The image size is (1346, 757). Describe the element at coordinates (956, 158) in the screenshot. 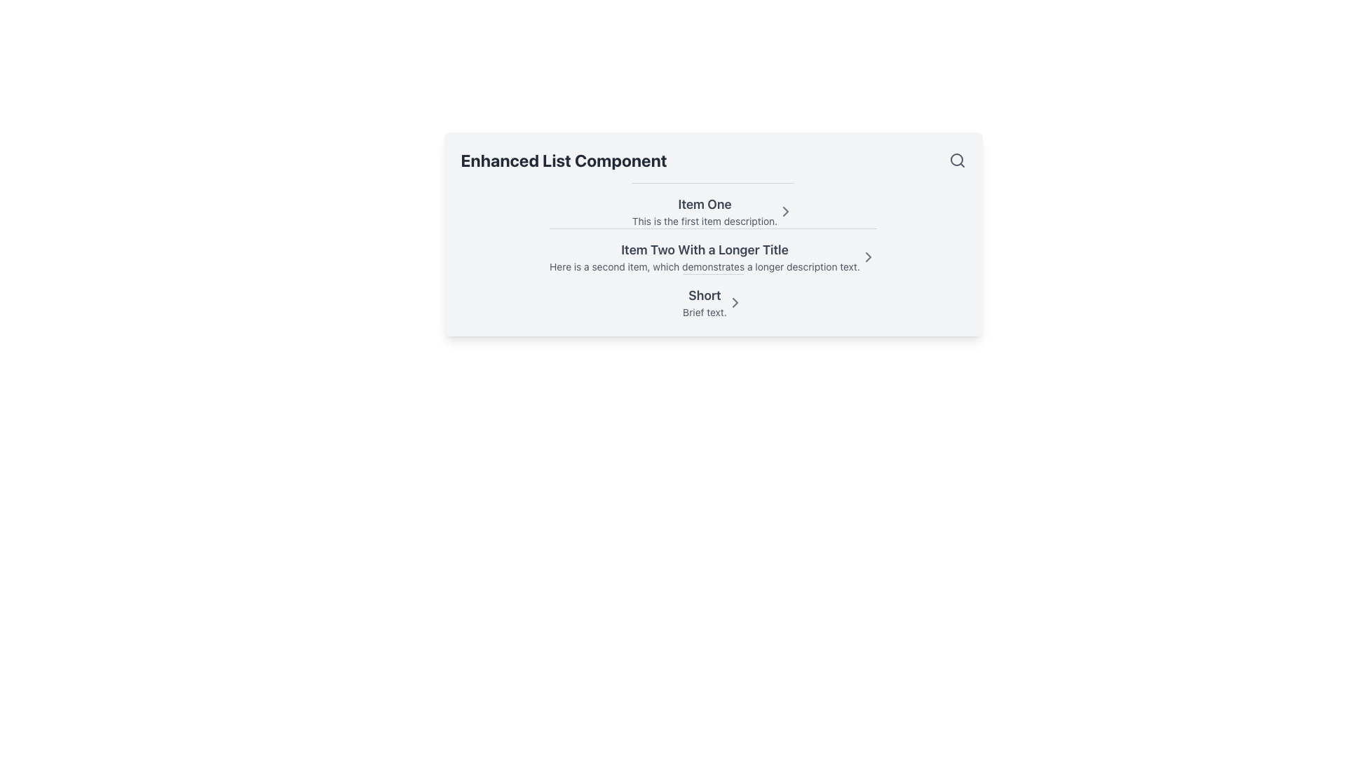

I see `the decorative circle that represents the lens of the magnifying glass icon, positioned within the SVG graphic` at that location.